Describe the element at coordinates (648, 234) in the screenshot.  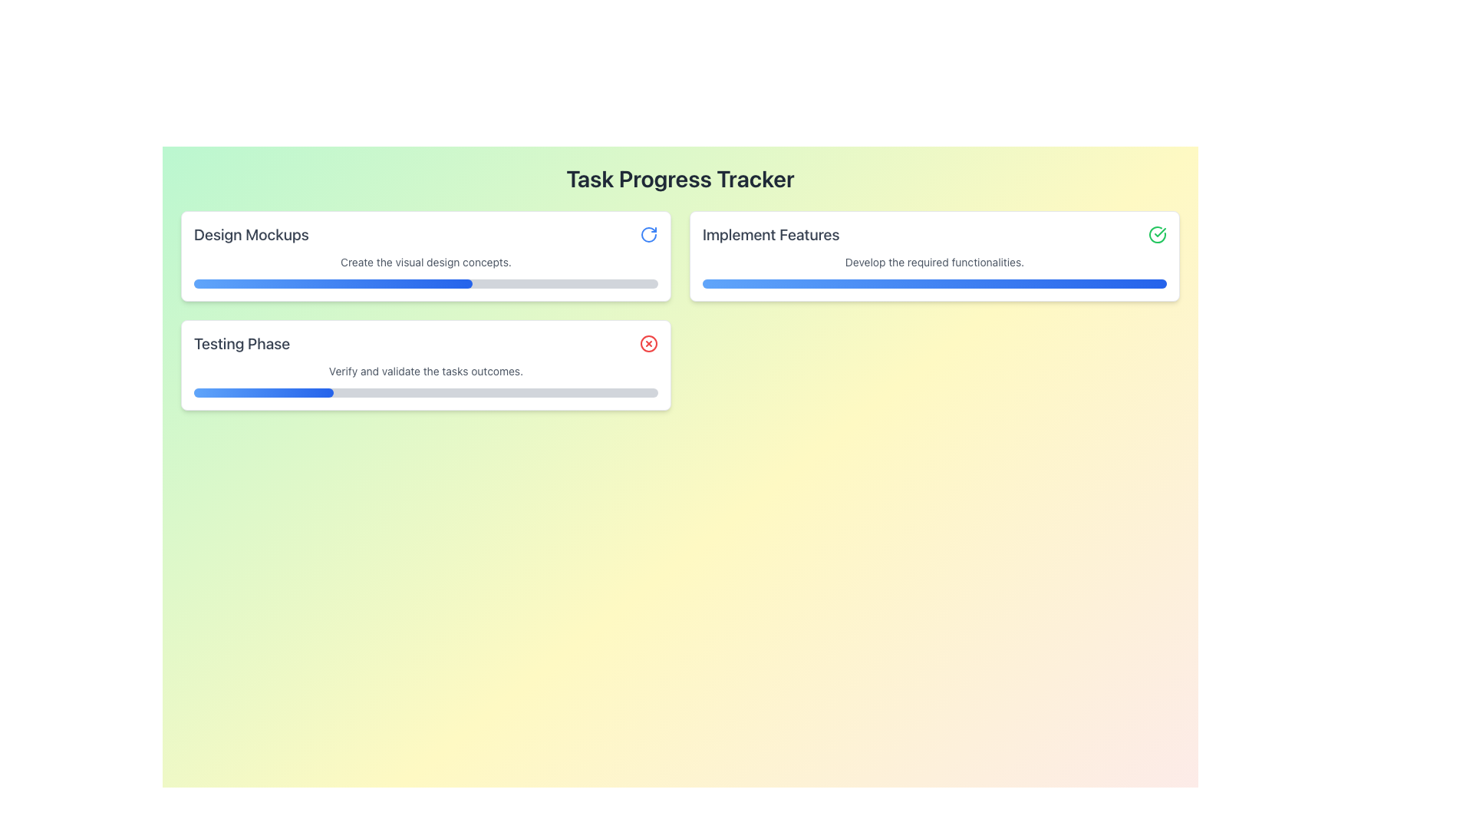
I see `the refresh icon located on the right side of the 'Design Mockups' header to initiate a refresh action` at that location.